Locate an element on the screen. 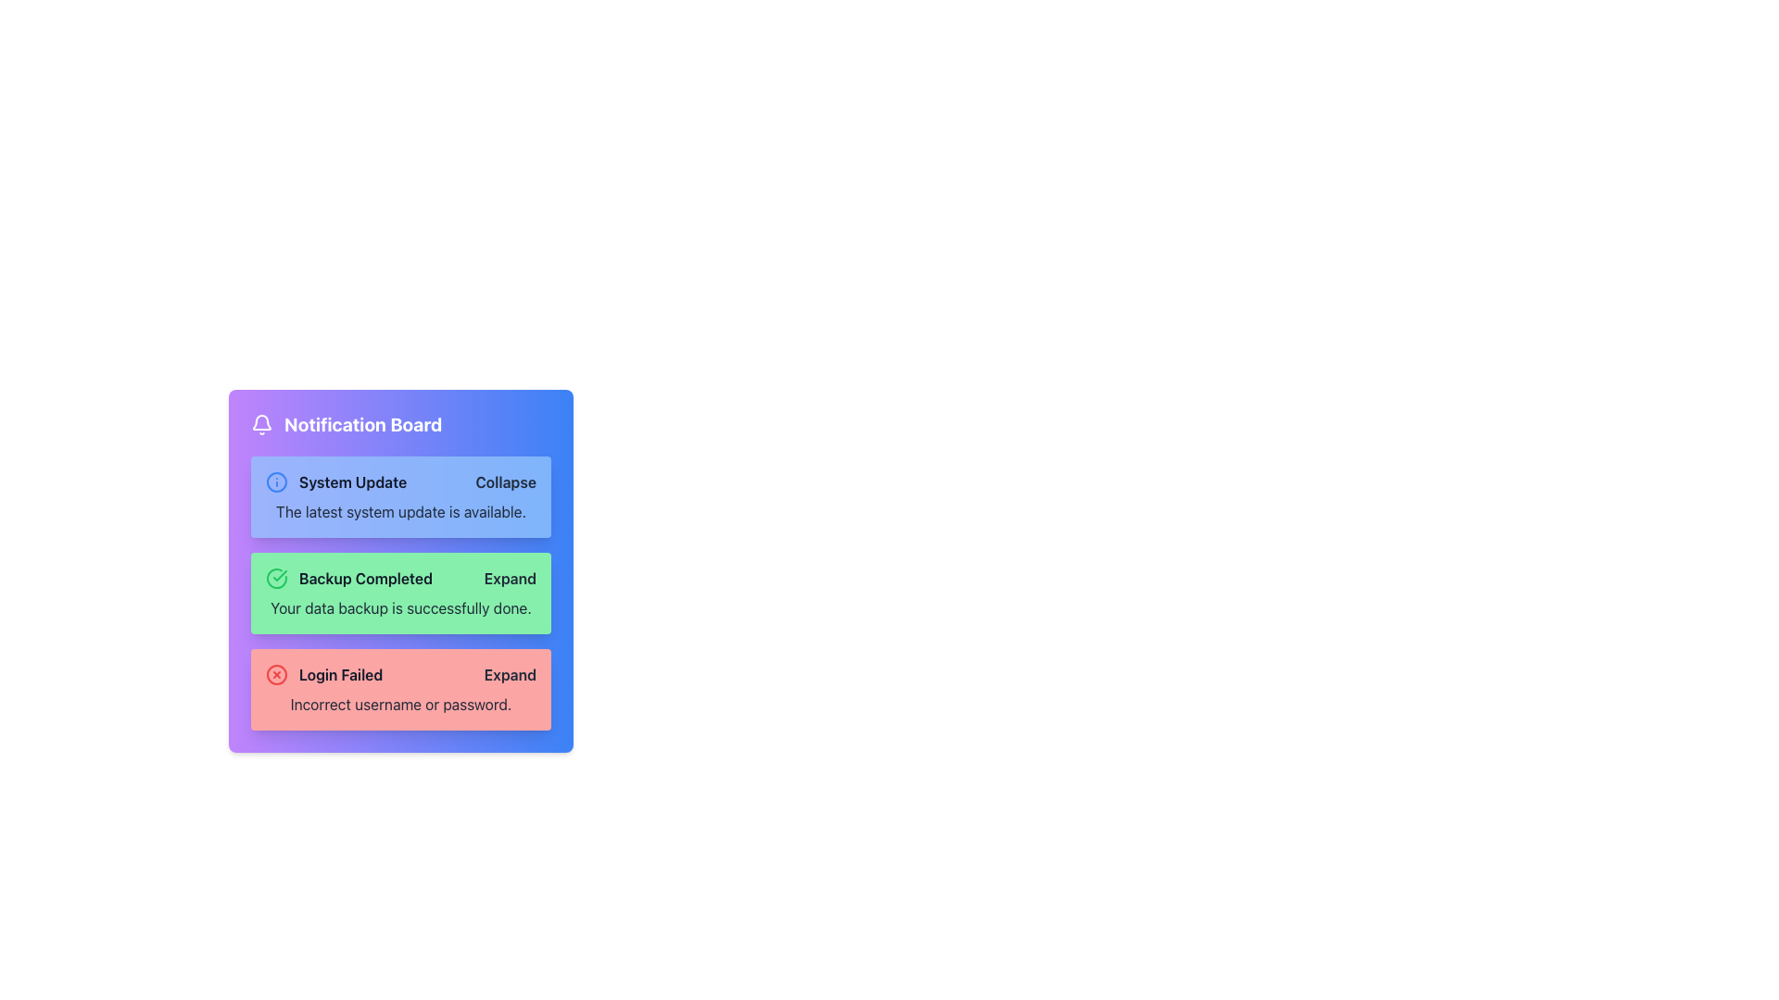  the collapsible toggle button located at the top-right corner of the 'System Update' notification box is located at coordinates (506, 481).